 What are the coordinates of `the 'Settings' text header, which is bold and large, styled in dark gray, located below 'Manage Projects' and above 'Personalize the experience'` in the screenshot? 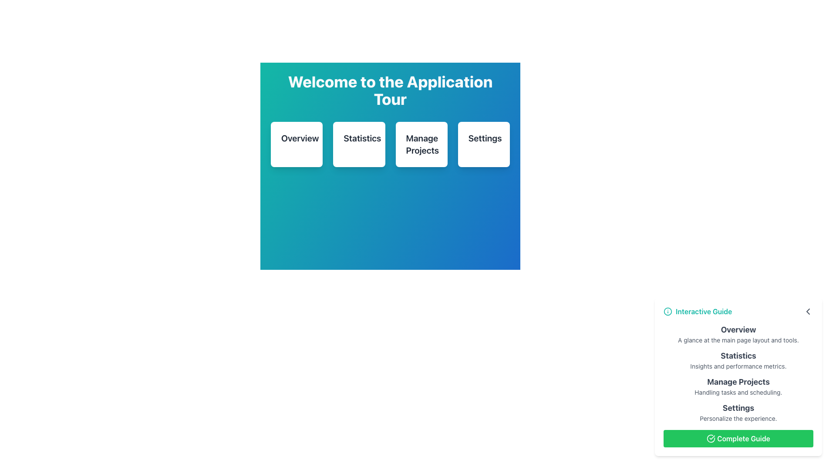 It's located at (738, 408).